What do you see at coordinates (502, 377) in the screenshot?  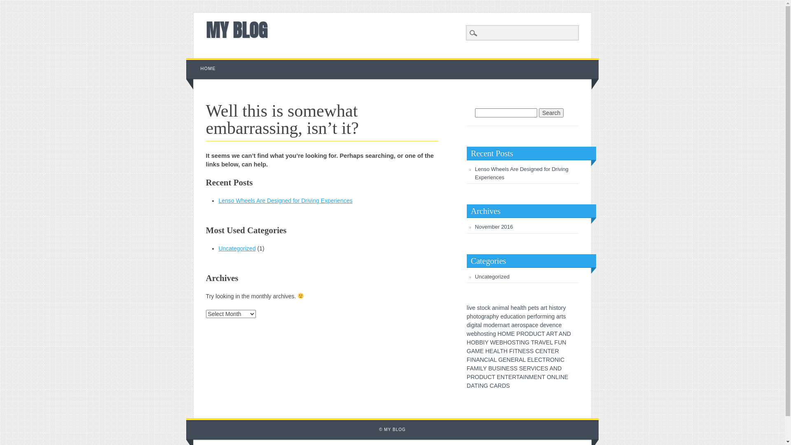 I see `'N'` at bounding box center [502, 377].